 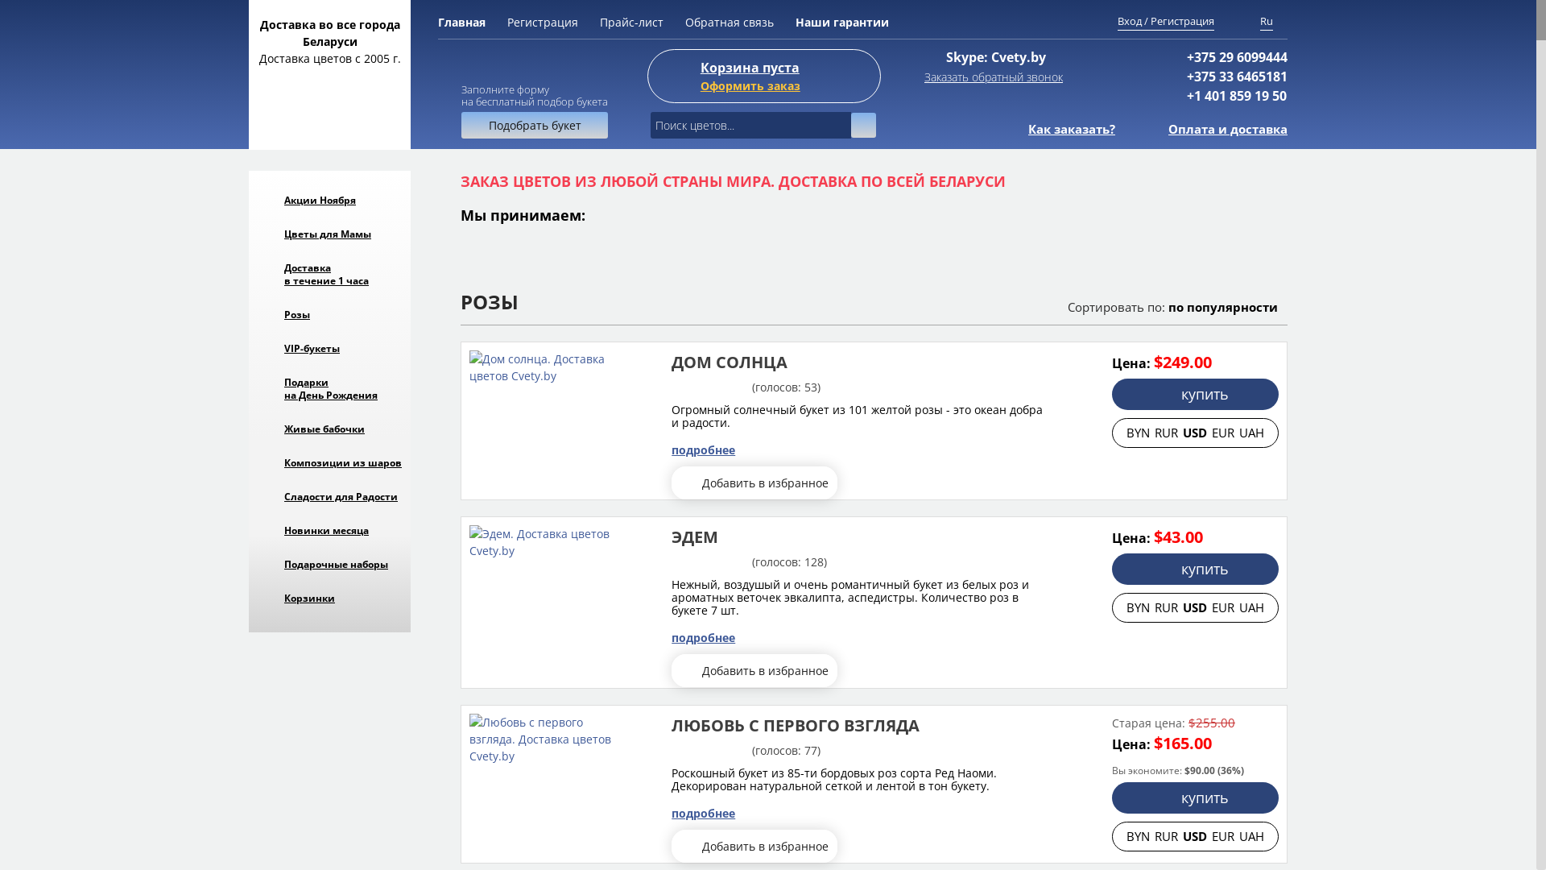 What do you see at coordinates (1238, 835) in the screenshot?
I see `'UAH'` at bounding box center [1238, 835].